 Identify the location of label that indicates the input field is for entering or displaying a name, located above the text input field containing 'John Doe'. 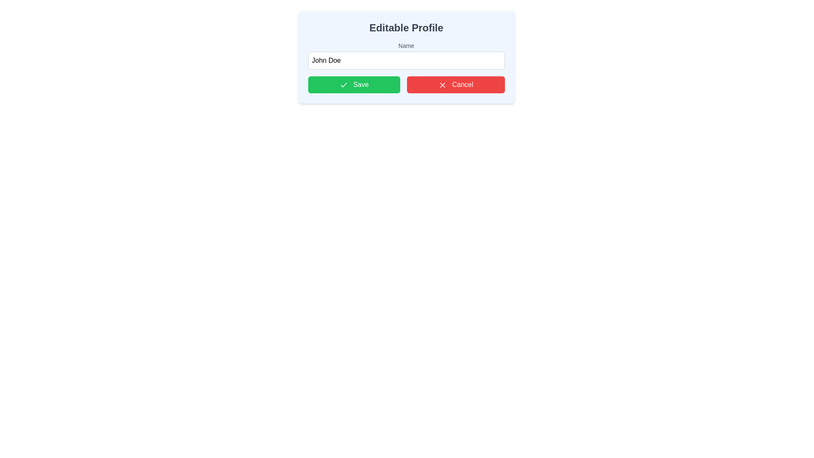
(406, 46).